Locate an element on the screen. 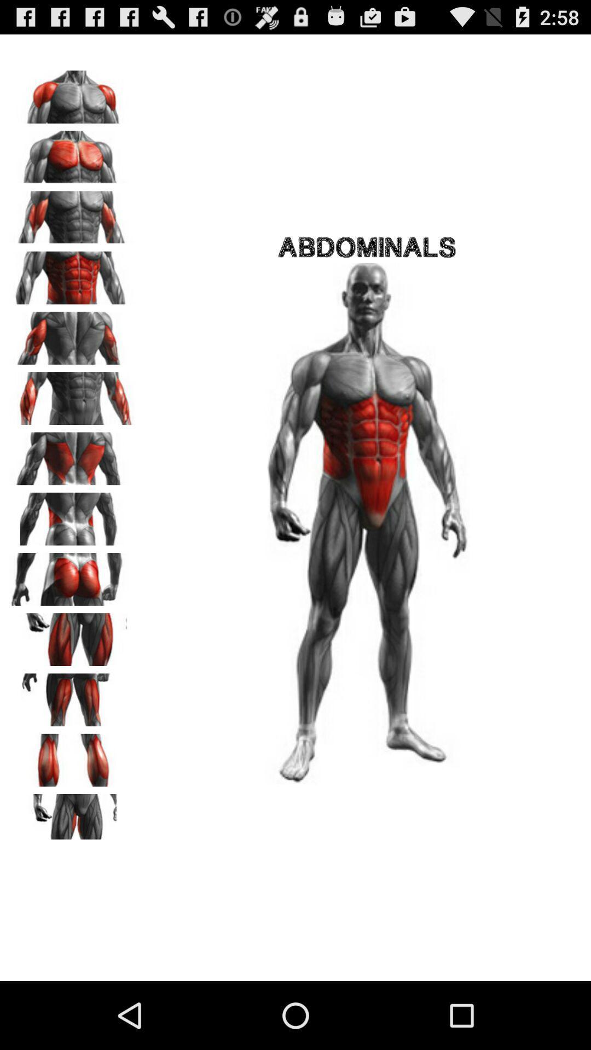 The width and height of the screenshot is (591, 1050). muscle group information is located at coordinates (72, 635).